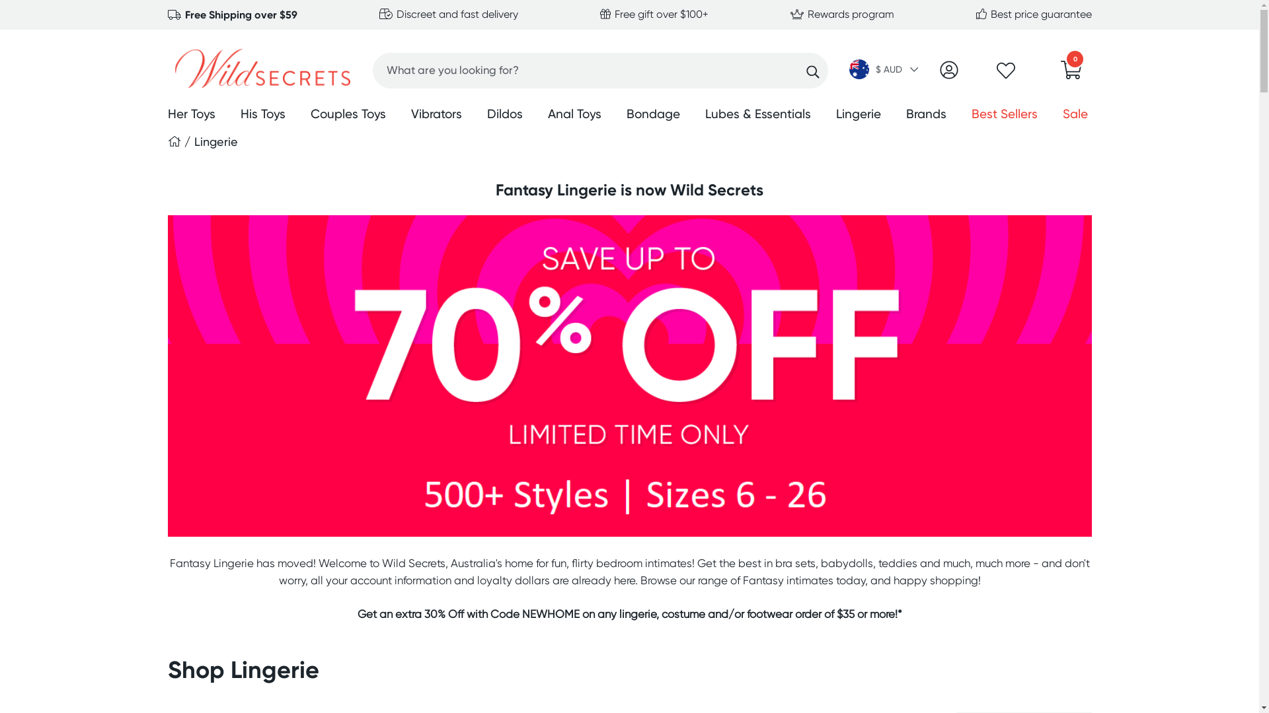  I want to click on 'Best Sellers', so click(1005, 114).